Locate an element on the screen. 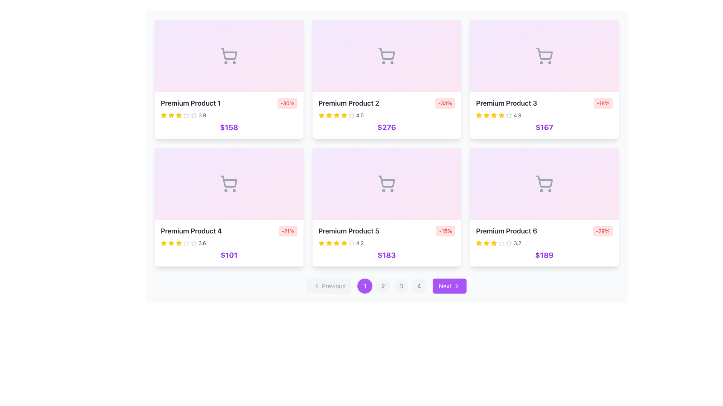 This screenshot has width=723, height=406. the yellow filled star icon, which is the fifth star in the rating system for the 'Premium Product 3' card located in the top-right quadrant of the interface is located at coordinates (494, 115).